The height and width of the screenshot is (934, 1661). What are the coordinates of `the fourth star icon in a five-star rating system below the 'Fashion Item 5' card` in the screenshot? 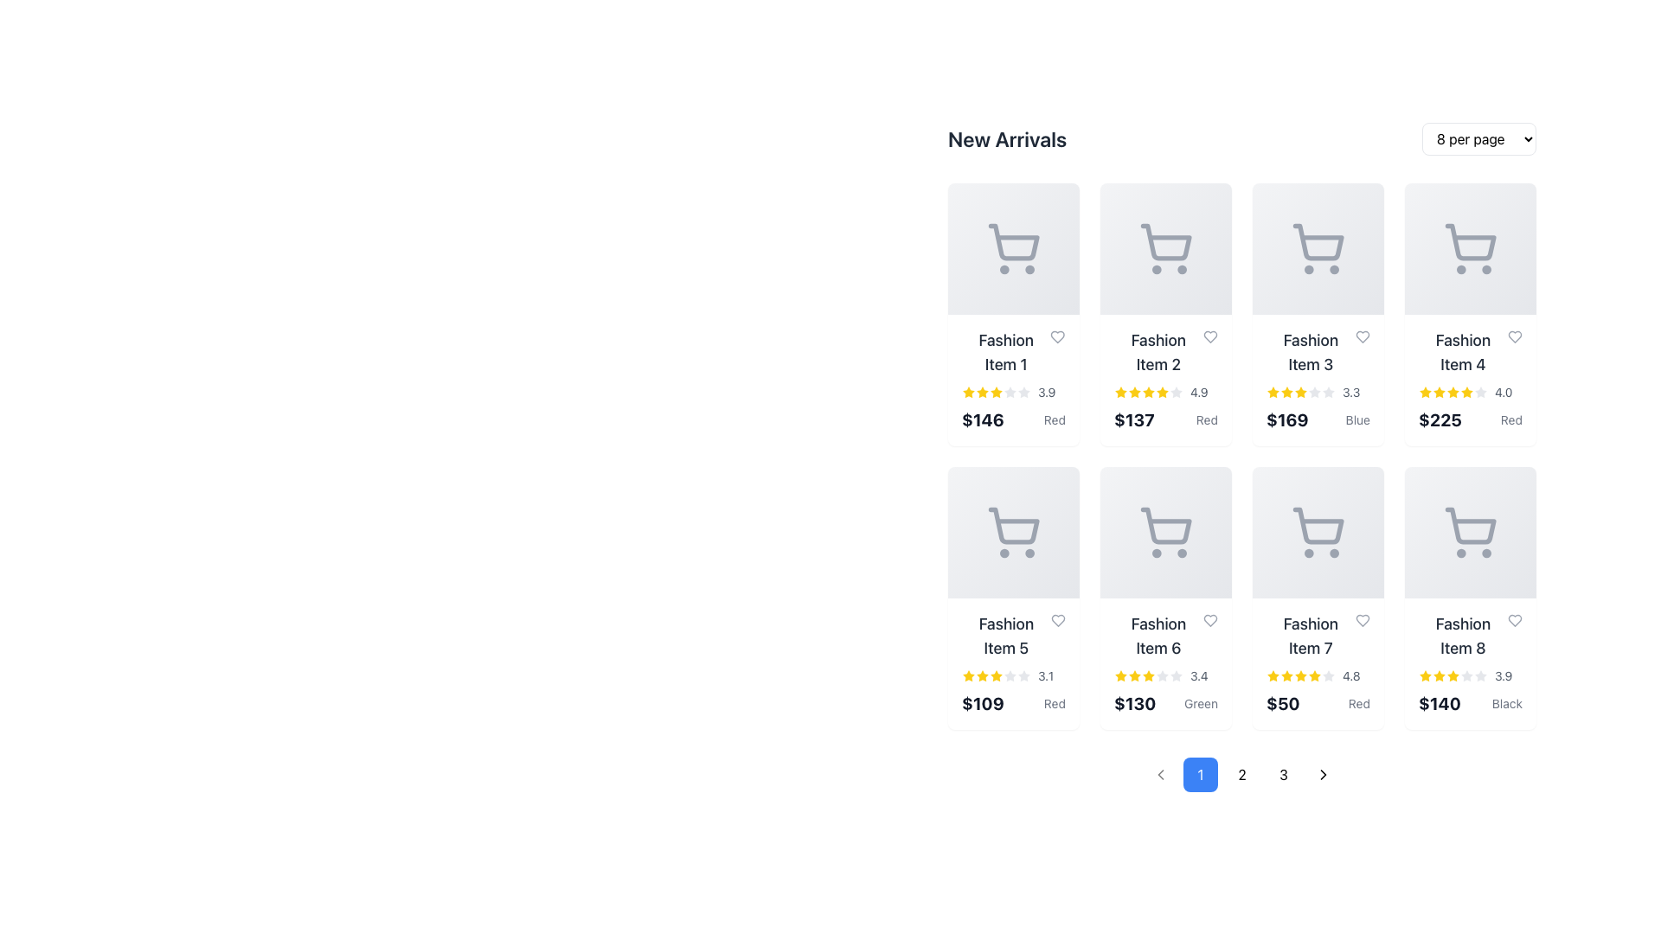 It's located at (997, 675).